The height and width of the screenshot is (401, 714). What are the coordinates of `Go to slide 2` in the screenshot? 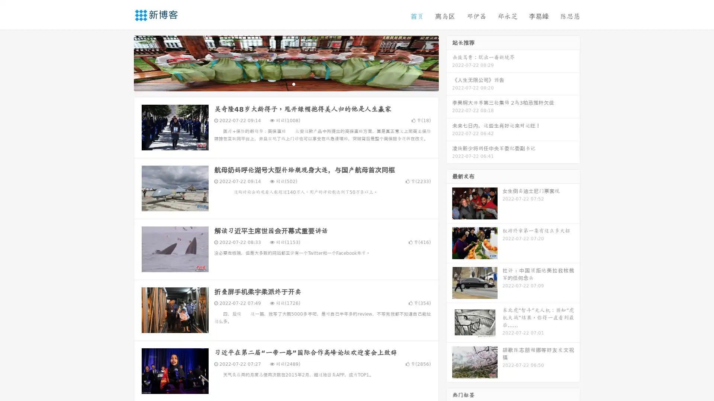 It's located at (286, 84).